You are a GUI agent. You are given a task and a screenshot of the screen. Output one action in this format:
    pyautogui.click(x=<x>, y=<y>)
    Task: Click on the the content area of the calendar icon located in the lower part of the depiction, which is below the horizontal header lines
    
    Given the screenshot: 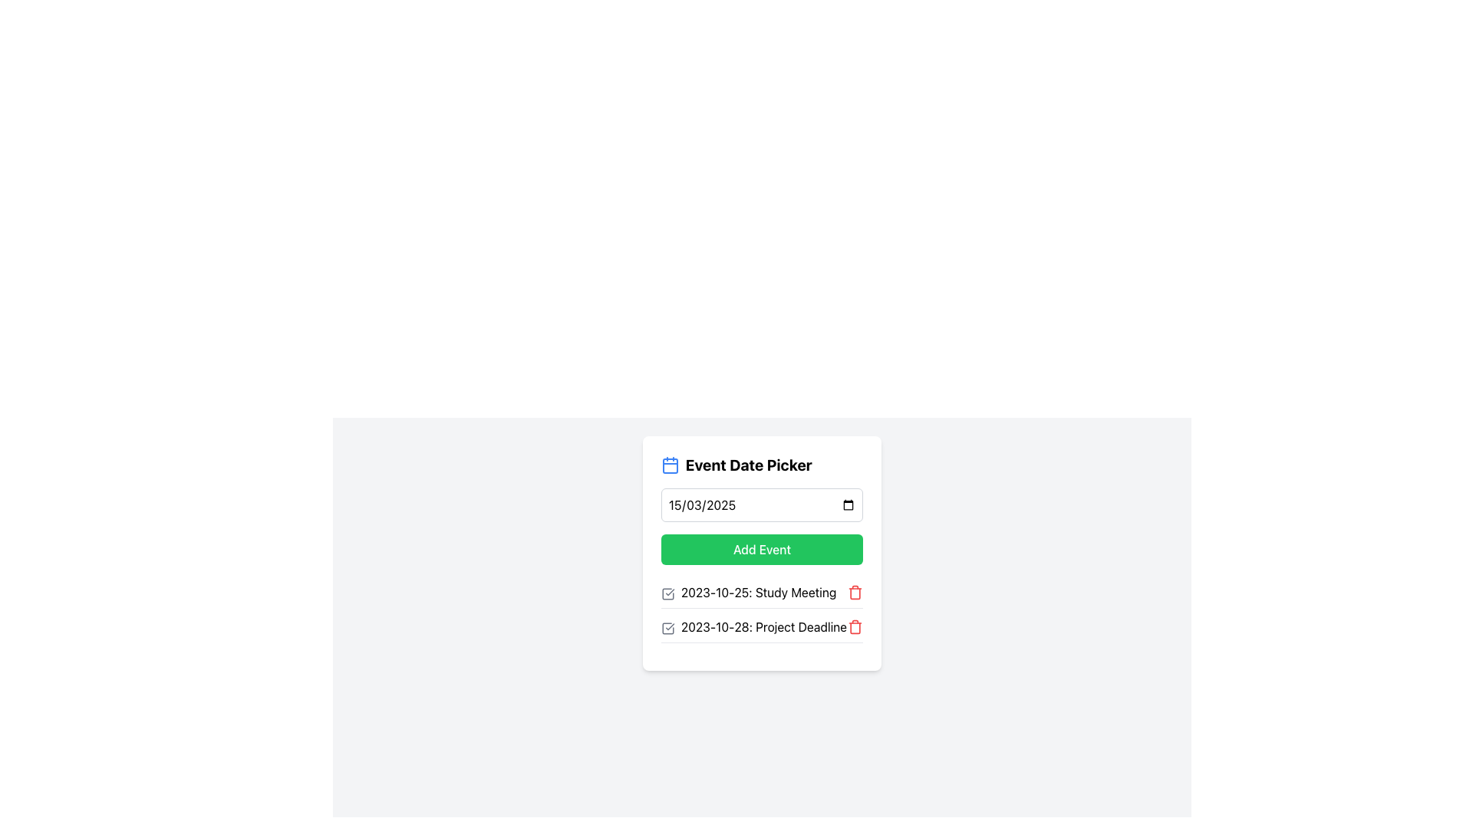 What is the action you would take?
    pyautogui.click(x=670, y=465)
    